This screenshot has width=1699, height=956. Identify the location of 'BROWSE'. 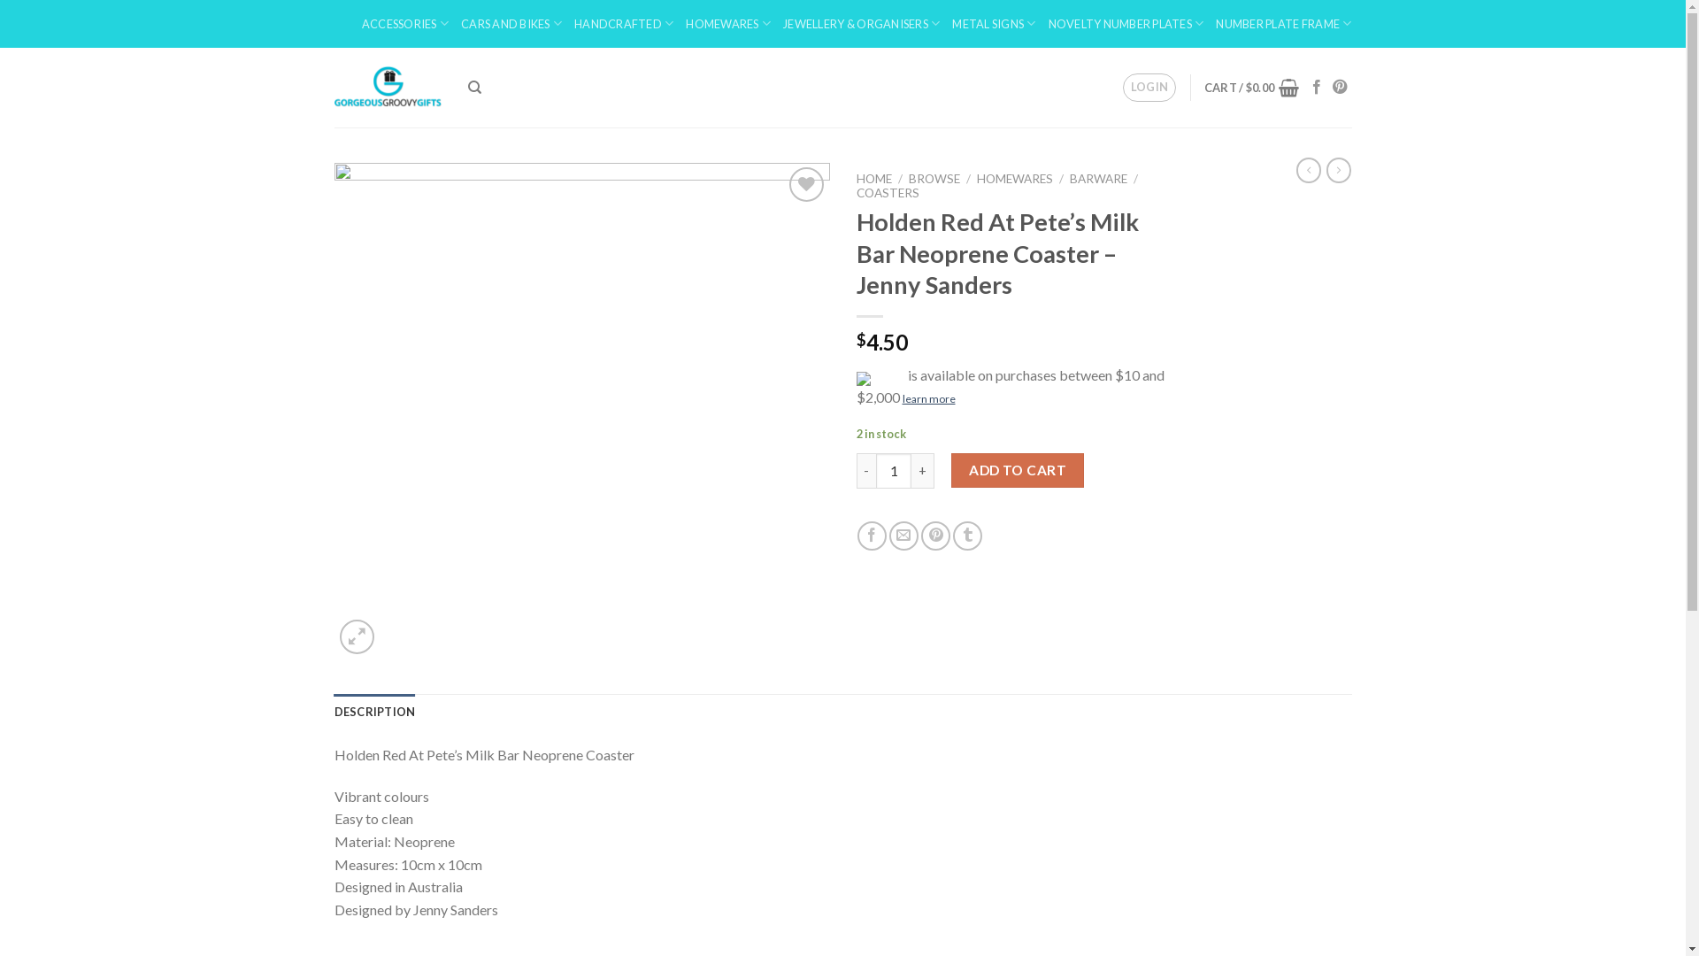
(909, 178).